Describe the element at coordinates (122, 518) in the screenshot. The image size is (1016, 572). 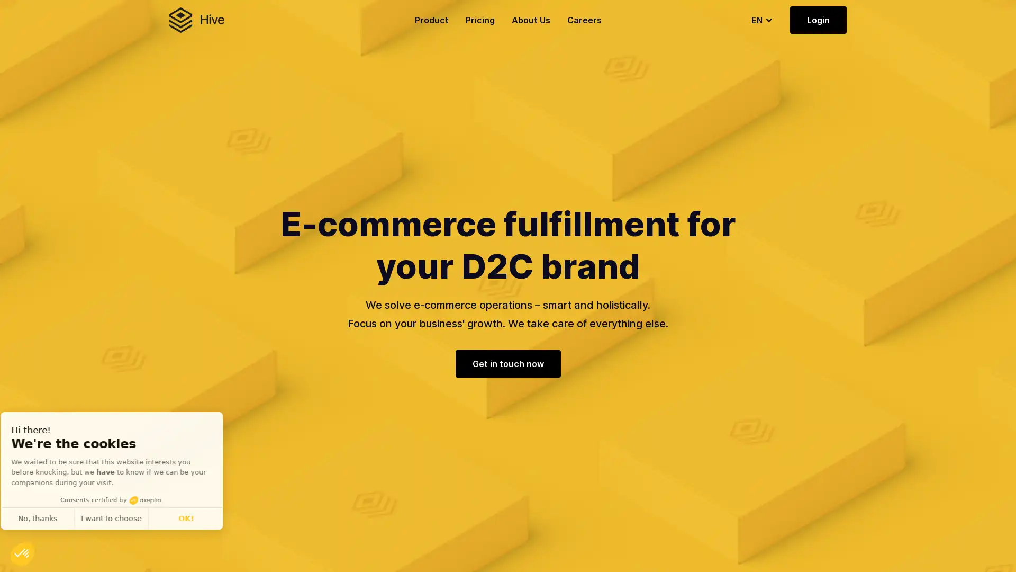
I see `I want to choose` at that location.